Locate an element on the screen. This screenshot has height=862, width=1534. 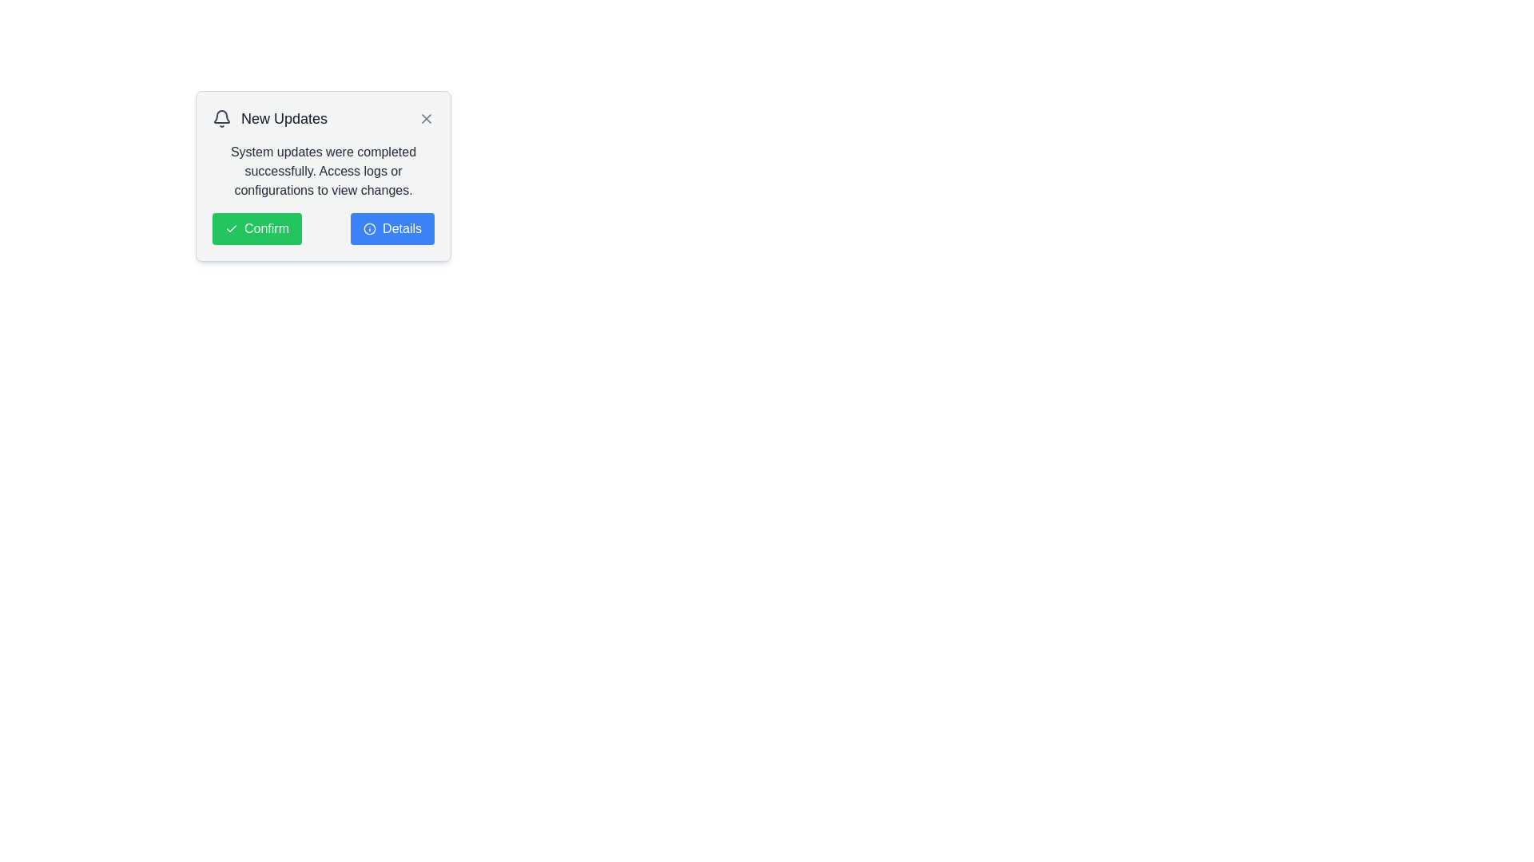
the notification icon located in the top-left corner of the 'New Updates' modal is located at coordinates (221, 116).